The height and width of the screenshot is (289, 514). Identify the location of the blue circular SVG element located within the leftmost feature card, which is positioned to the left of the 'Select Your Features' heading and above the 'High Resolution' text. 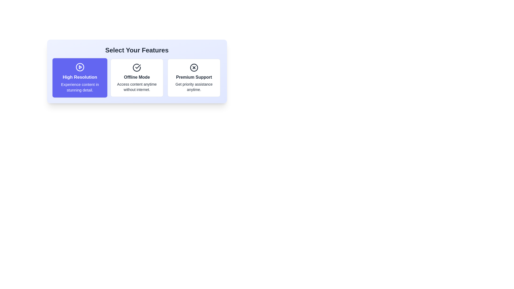
(80, 67).